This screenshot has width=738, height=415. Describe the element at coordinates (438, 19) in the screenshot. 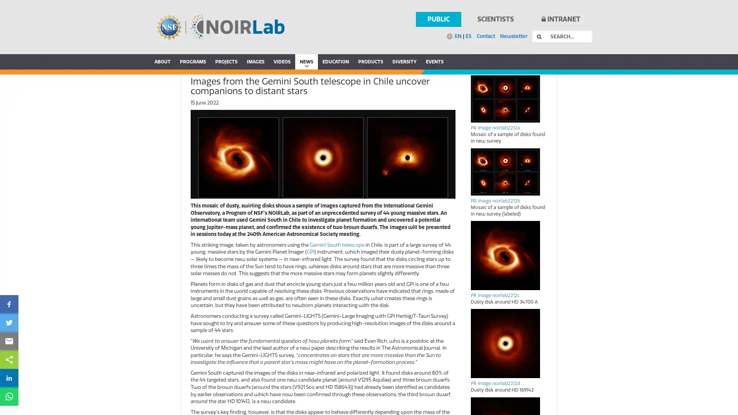

I see `PUBLIC` at that location.